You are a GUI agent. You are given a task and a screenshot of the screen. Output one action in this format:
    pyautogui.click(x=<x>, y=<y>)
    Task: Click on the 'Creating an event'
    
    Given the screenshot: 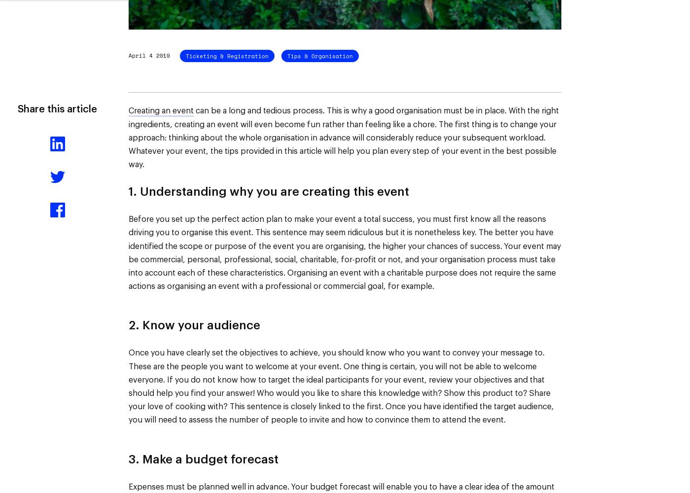 What is the action you would take?
    pyautogui.click(x=161, y=110)
    